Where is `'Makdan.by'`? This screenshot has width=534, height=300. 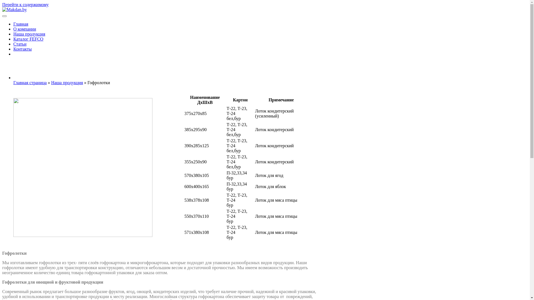
'Makdan.by' is located at coordinates (19, 21).